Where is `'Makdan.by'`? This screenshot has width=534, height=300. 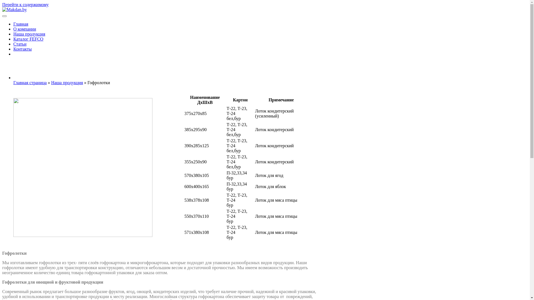
'Makdan.by' is located at coordinates (19, 21).